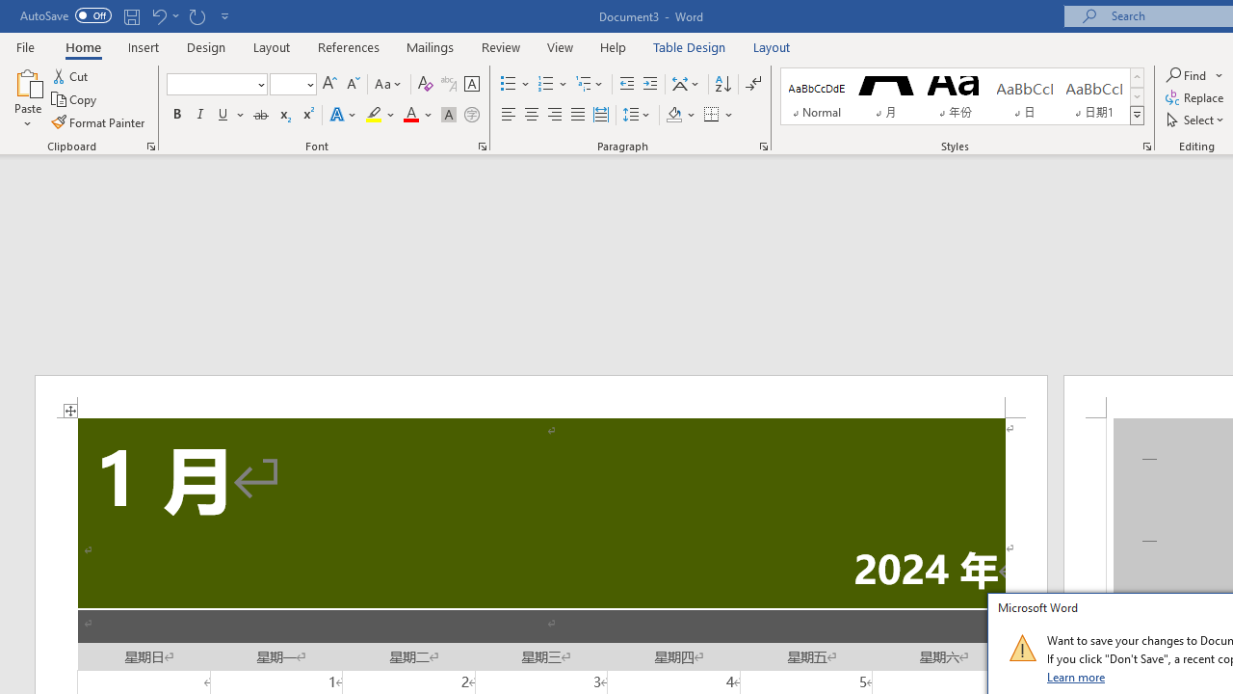 The height and width of the screenshot is (694, 1233). I want to click on 'Character Shading', so click(447, 115).